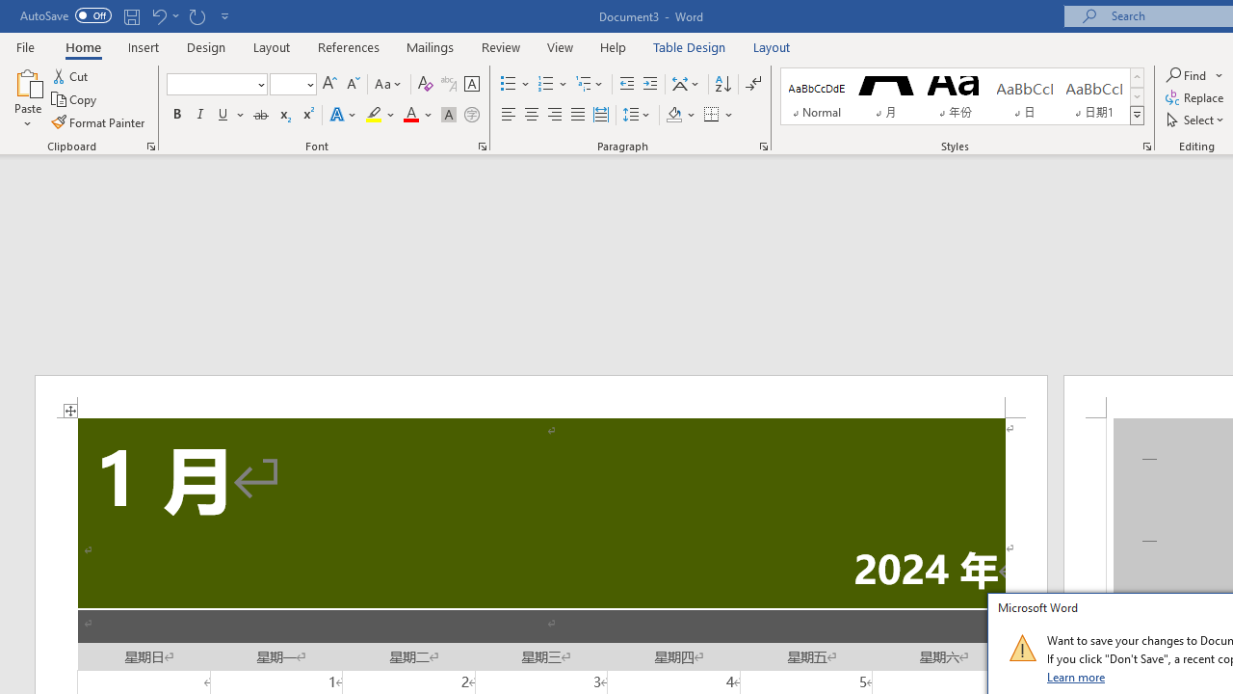 The height and width of the screenshot is (694, 1233). I want to click on 'Character Shading', so click(447, 115).